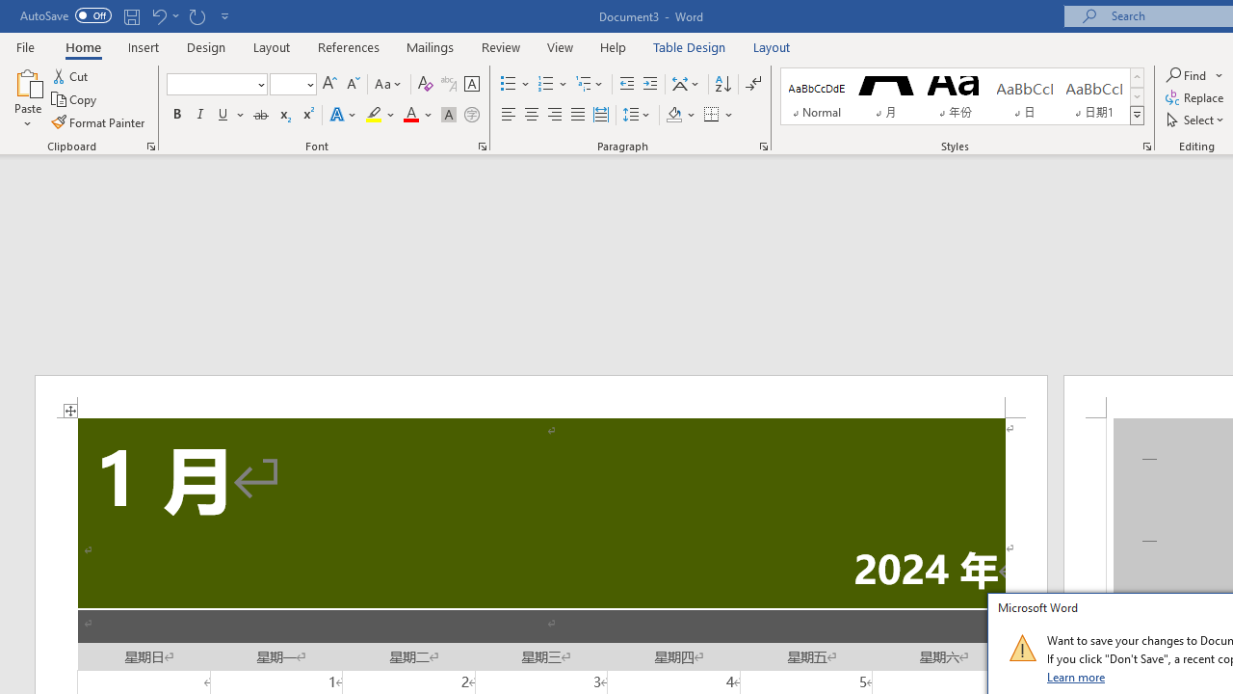 The height and width of the screenshot is (694, 1233). I want to click on 'Character Shading', so click(447, 115).